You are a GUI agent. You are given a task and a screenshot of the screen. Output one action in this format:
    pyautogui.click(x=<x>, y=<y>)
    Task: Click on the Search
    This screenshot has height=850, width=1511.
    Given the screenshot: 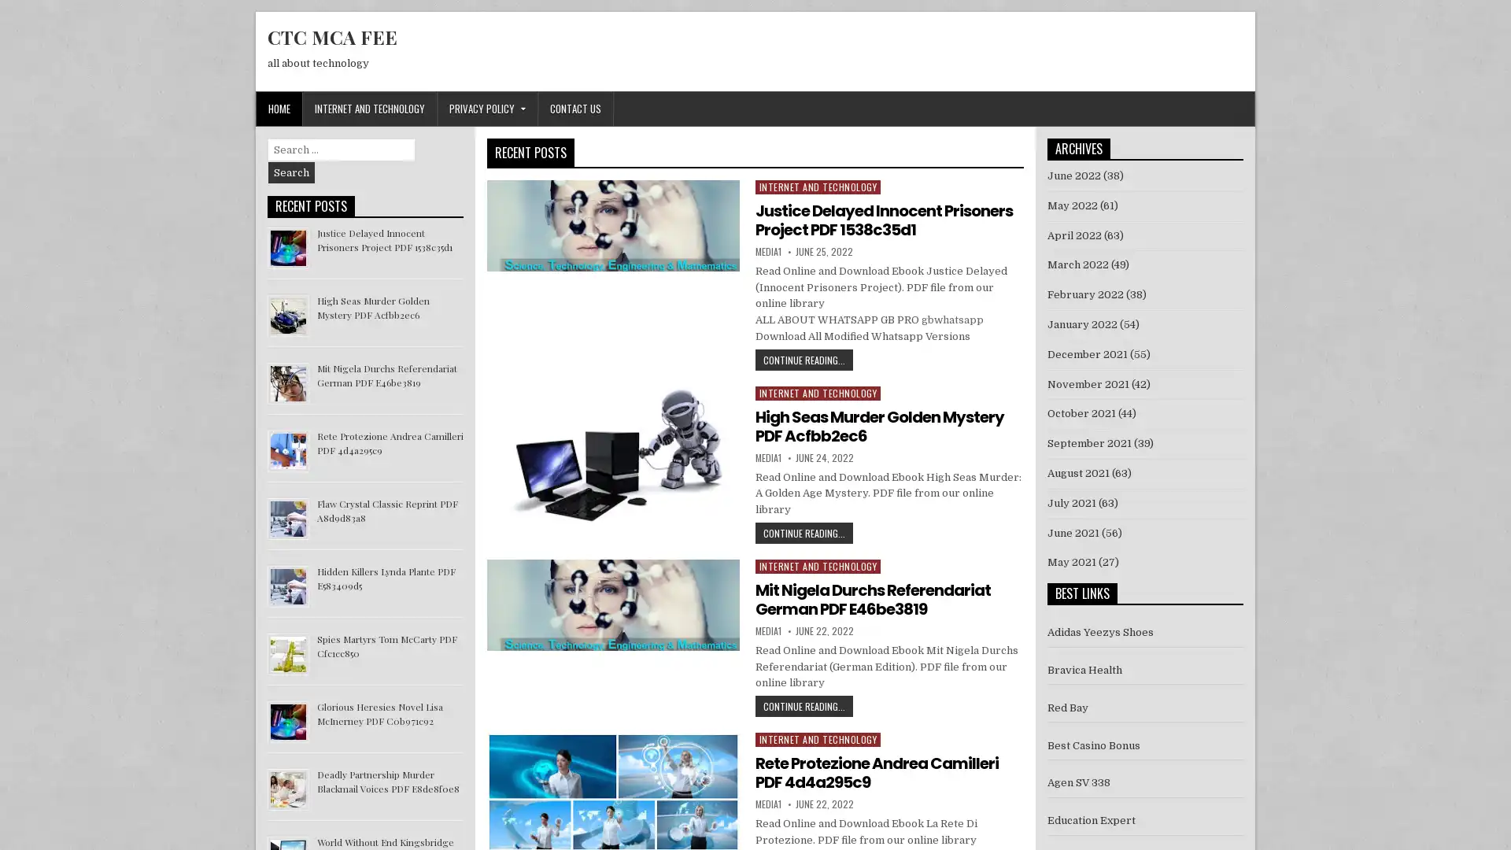 What is the action you would take?
    pyautogui.click(x=291, y=172)
    